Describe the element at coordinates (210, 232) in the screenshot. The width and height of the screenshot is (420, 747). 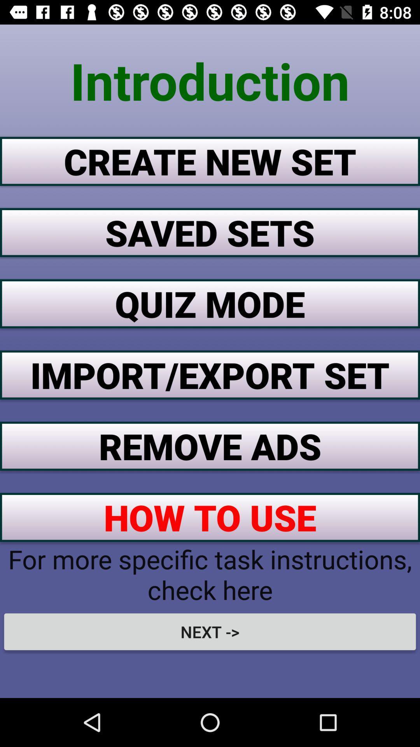
I see `the button below the create new set button` at that location.